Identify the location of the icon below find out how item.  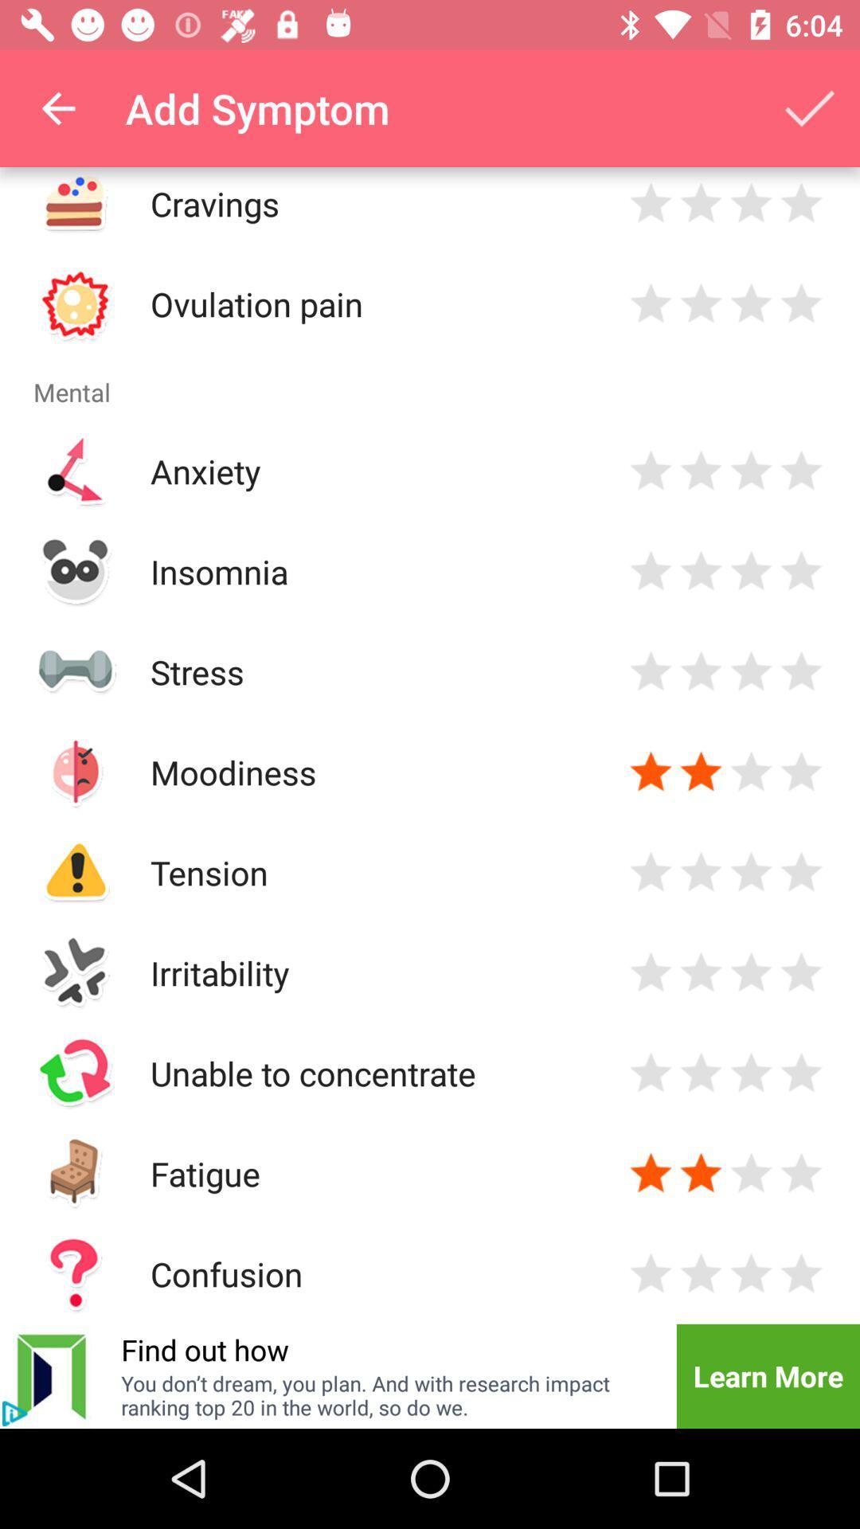
(388, 1394).